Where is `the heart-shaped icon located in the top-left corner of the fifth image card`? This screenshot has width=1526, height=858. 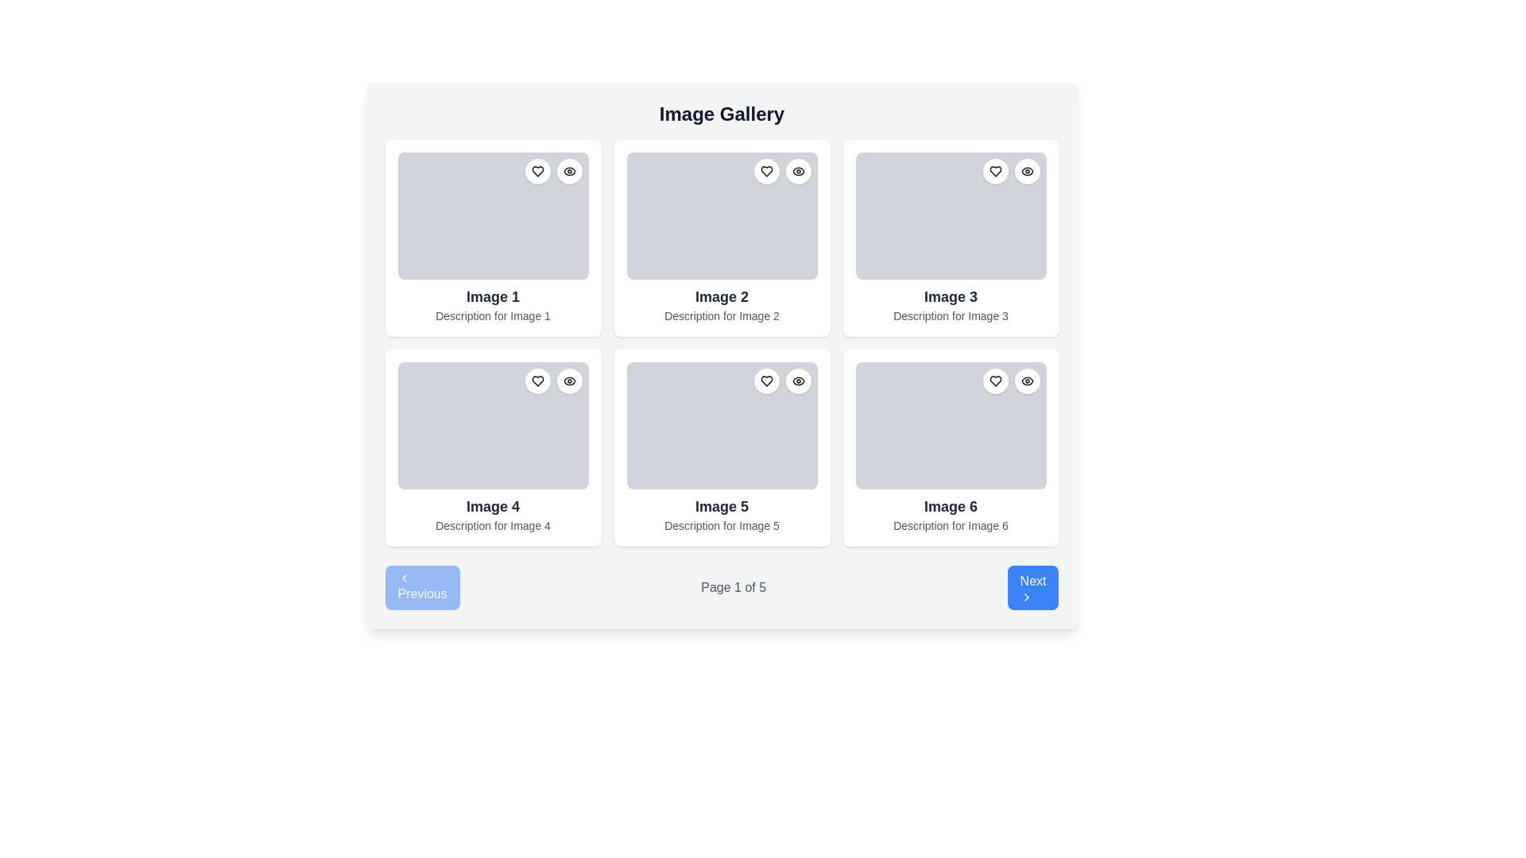
the heart-shaped icon located in the top-left corner of the fifth image card is located at coordinates (766, 381).